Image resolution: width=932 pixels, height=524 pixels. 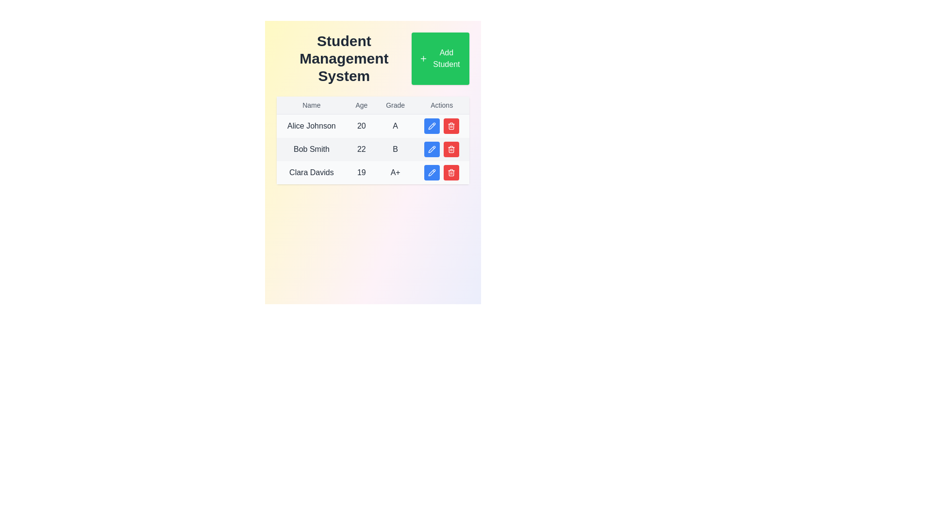 What do you see at coordinates (423, 58) in the screenshot?
I see `the '+' icon embedded in the green 'Add Student' button located at the top-right portion of the layout` at bounding box center [423, 58].